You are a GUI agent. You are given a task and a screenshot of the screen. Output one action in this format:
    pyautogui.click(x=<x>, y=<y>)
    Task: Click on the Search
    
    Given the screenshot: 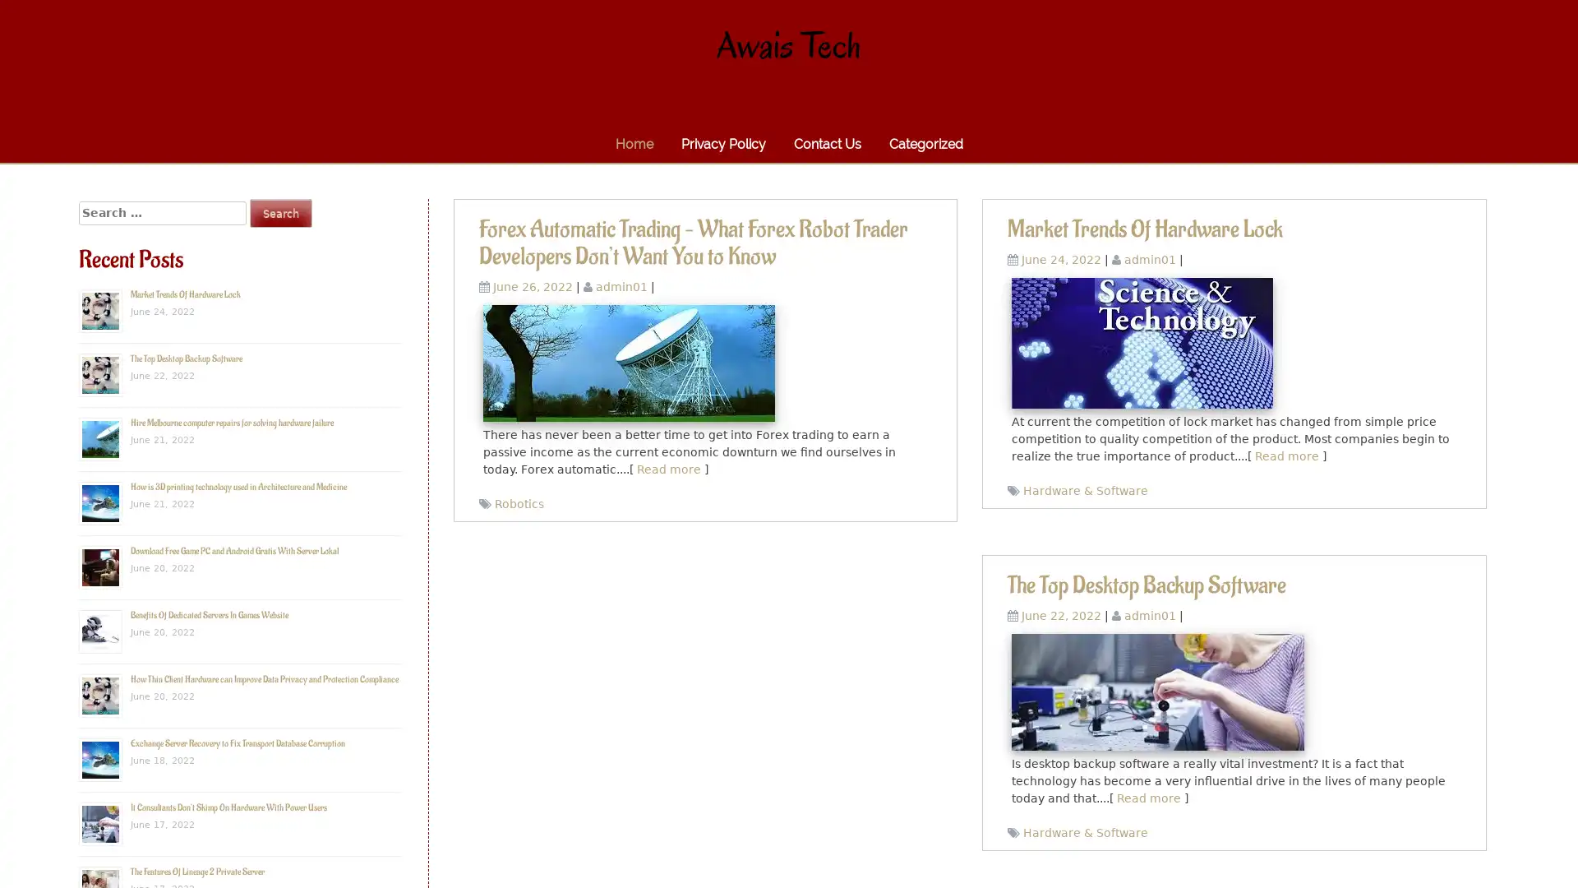 What is the action you would take?
    pyautogui.click(x=280, y=212)
    